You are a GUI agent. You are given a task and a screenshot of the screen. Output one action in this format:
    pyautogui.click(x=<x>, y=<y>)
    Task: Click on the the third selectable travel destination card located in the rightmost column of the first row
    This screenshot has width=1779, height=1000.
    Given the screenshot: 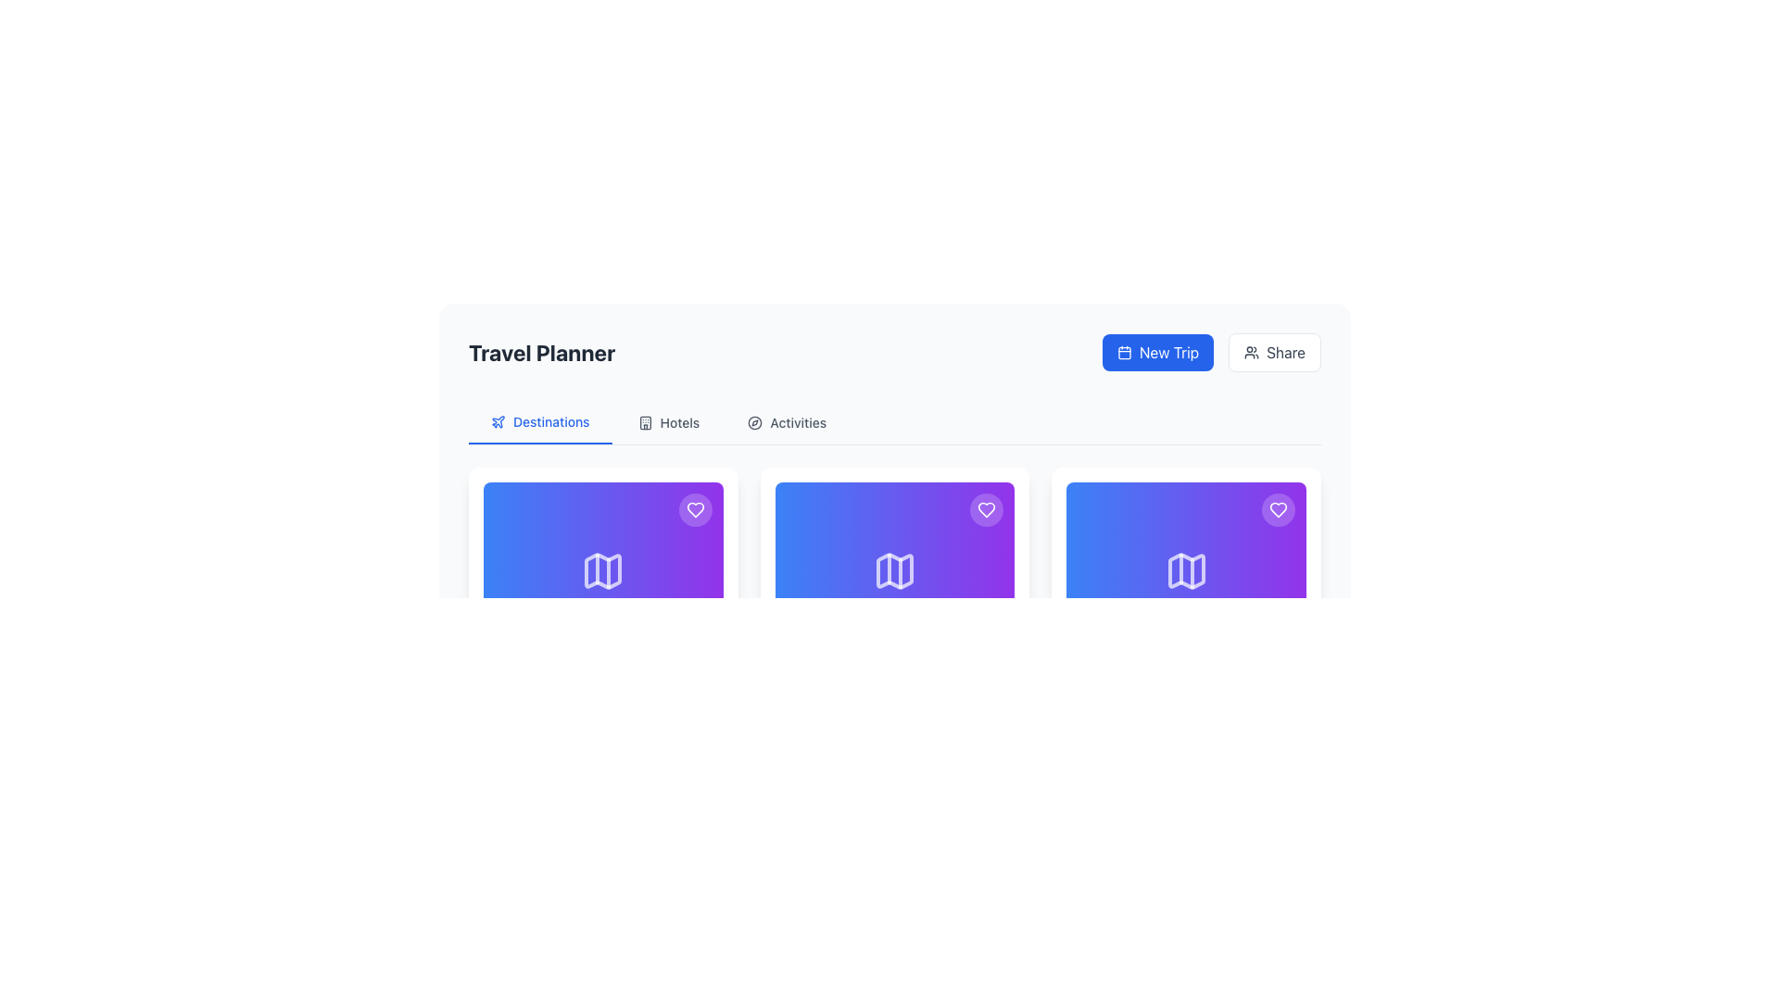 What is the action you would take?
    pyautogui.click(x=1186, y=619)
    